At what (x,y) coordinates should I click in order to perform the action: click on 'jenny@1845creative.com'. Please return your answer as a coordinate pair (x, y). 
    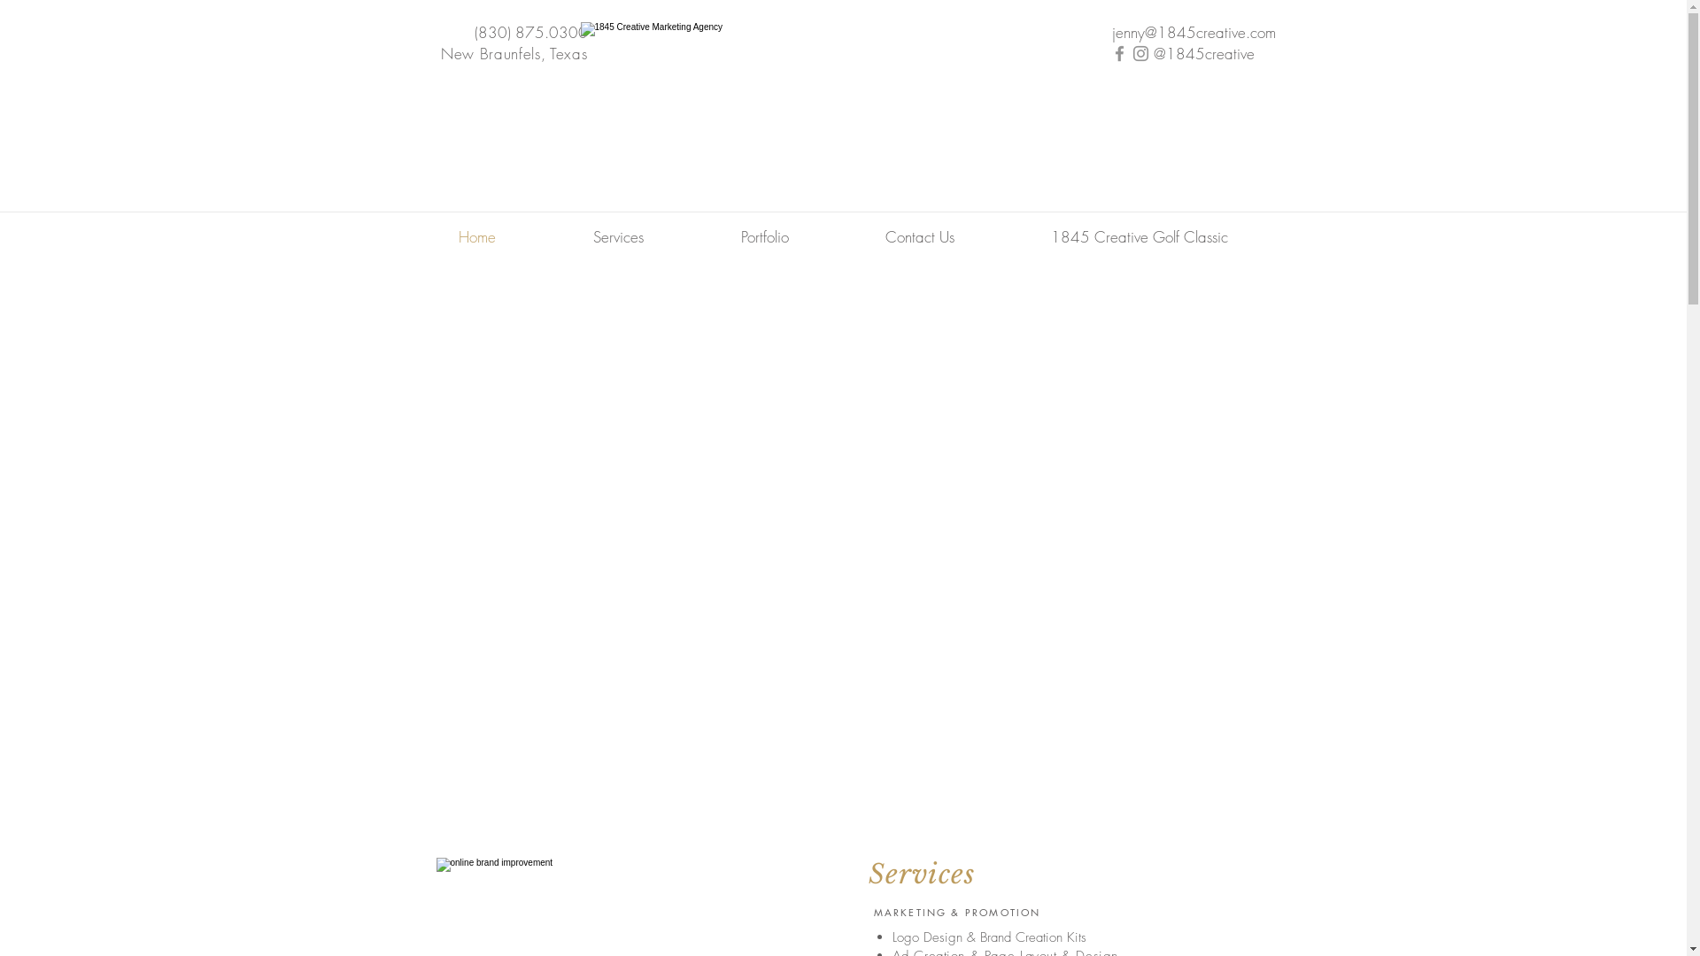
    Looking at the image, I should click on (1194, 32).